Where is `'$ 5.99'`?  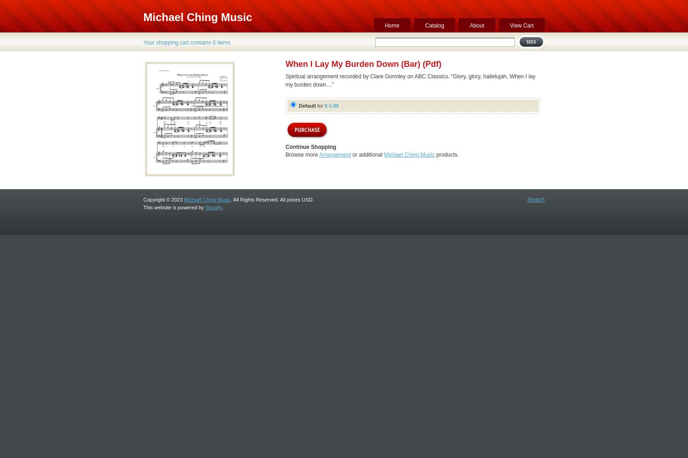
'$ 5.99' is located at coordinates (331, 105).